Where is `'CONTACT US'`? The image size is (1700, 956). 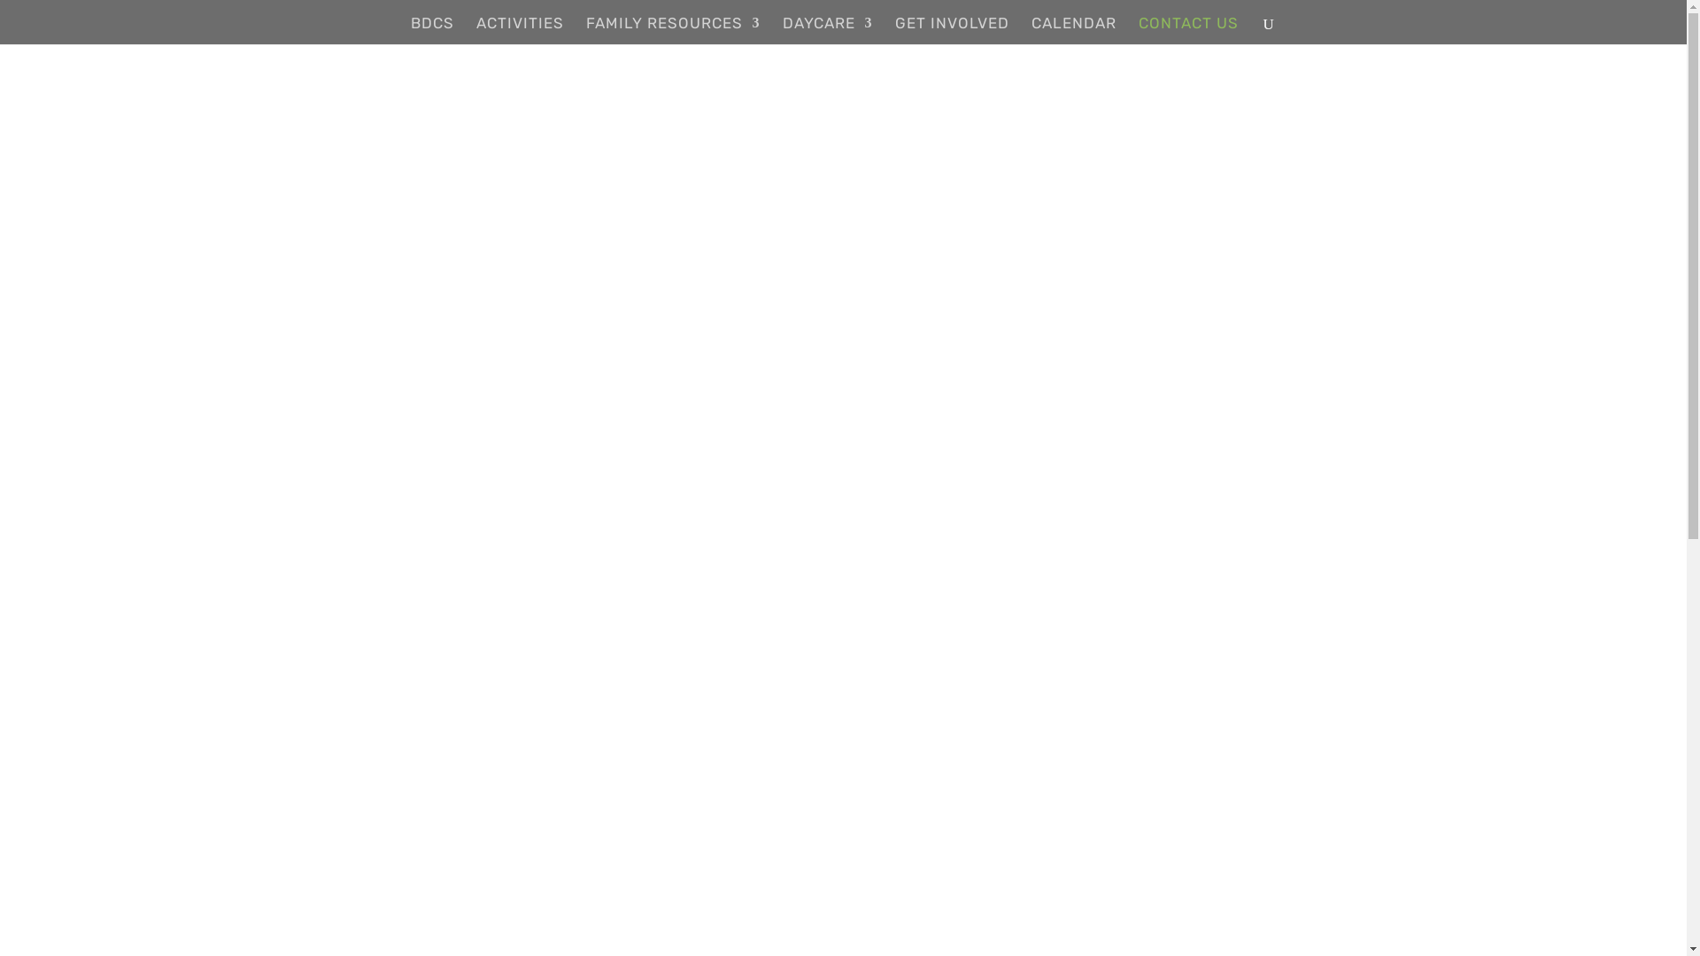 'CONTACT US' is located at coordinates (1139, 30).